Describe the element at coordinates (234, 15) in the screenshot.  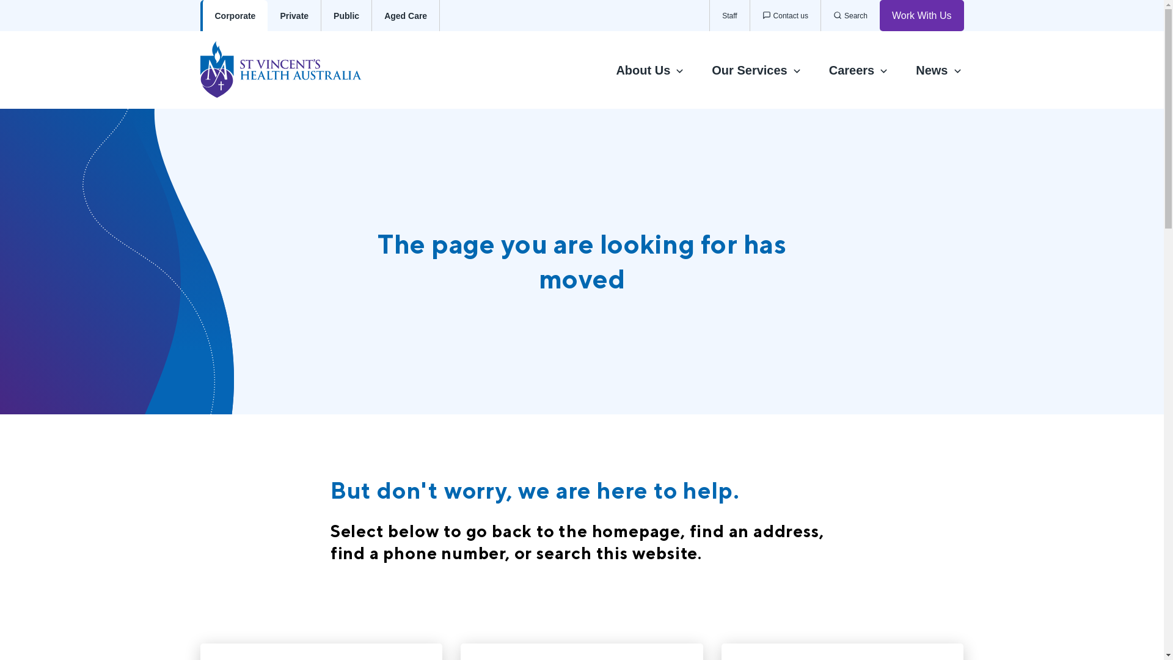
I see `'Corporate'` at that location.